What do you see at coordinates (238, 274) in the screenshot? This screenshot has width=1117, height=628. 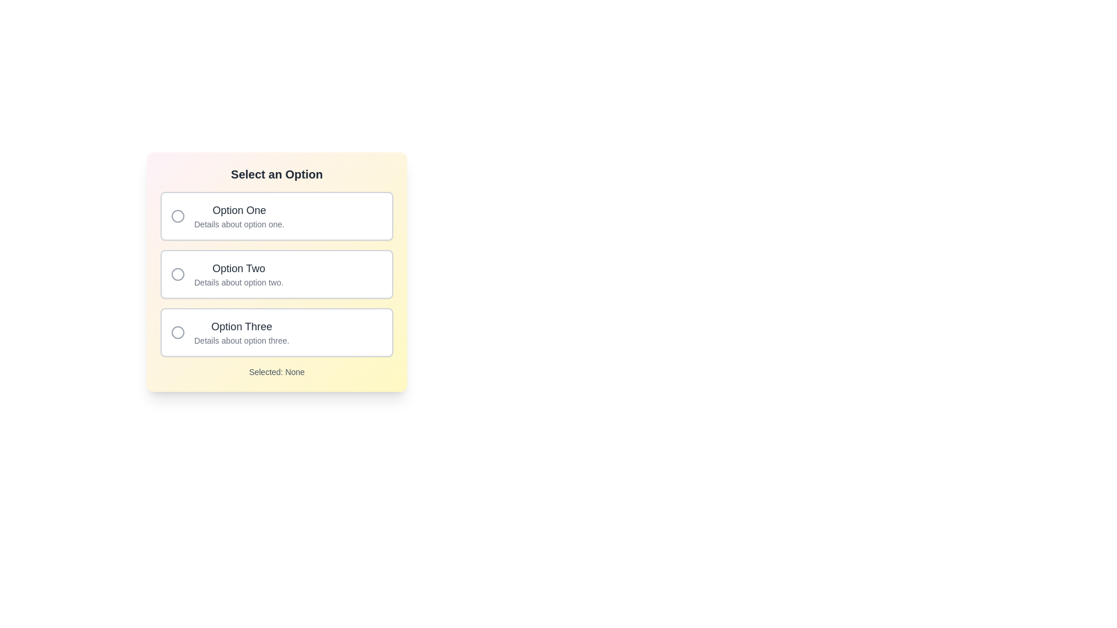 I see `the text label that displays 'Option Two' with the subtext 'Details about option two.'` at bounding box center [238, 274].